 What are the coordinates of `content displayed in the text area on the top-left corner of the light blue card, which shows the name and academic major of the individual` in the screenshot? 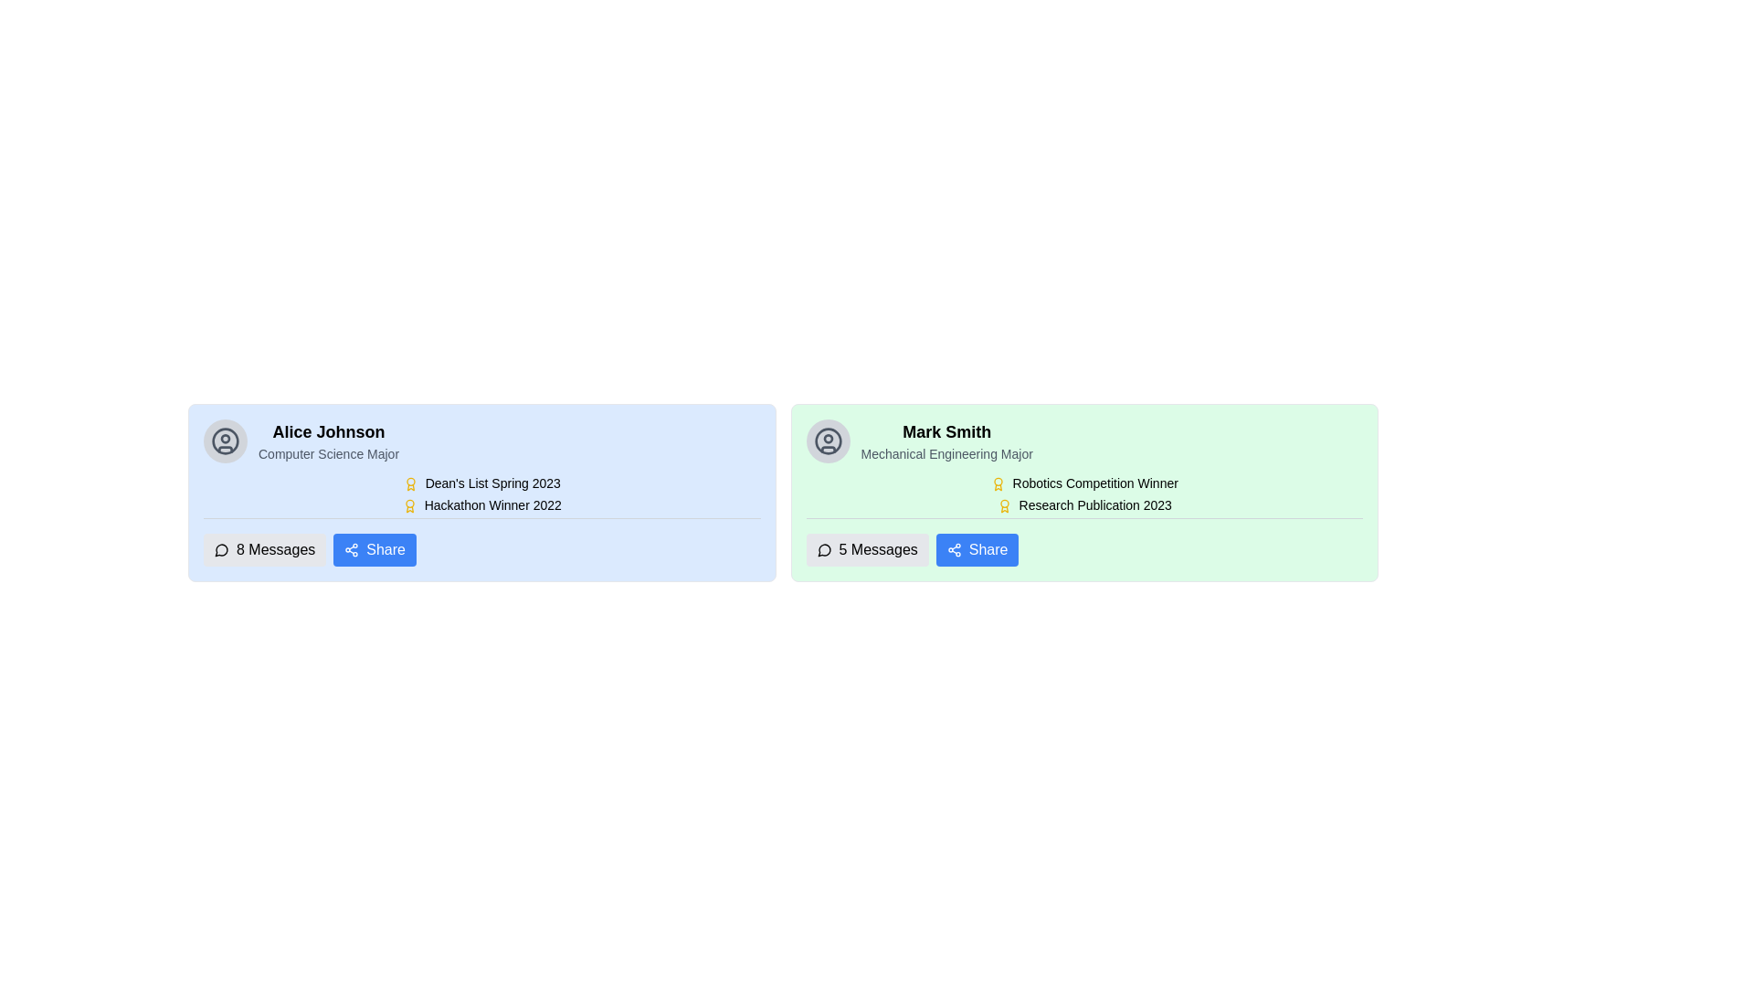 It's located at (329, 440).